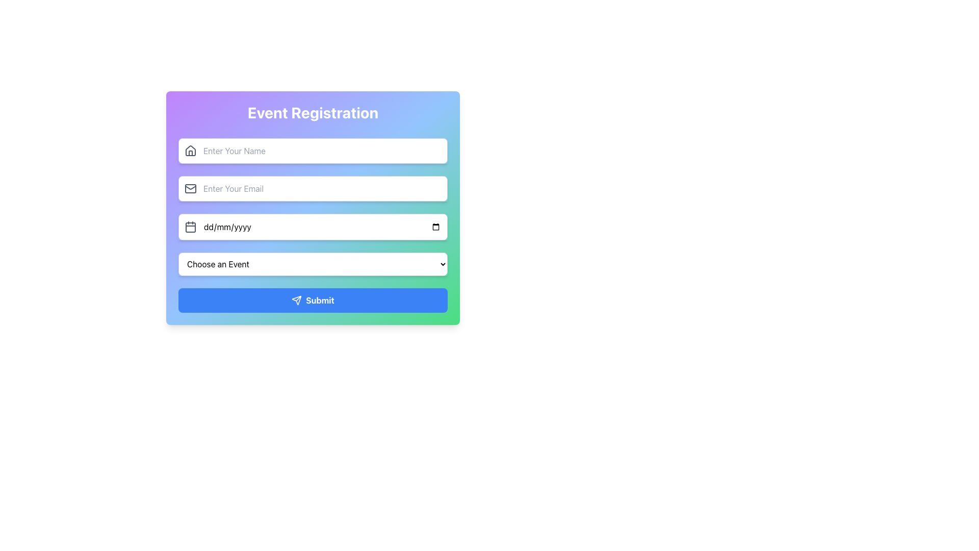 This screenshot has width=979, height=551. What do you see at coordinates (191, 150) in the screenshot?
I see `the house decorative icon located to the left of the 'Enter Your Name' placeholder text in the input field for entering the user's name` at bounding box center [191, 150].